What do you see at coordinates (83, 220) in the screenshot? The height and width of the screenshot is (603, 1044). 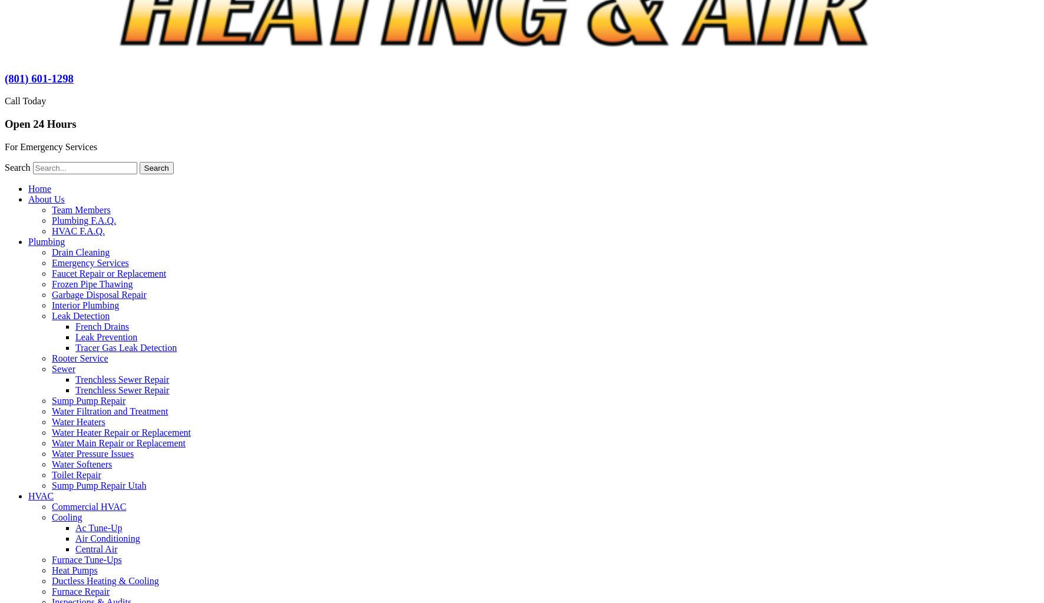 I see `'Plumbing F.A.Q.'` at bounding box center [83, 220].